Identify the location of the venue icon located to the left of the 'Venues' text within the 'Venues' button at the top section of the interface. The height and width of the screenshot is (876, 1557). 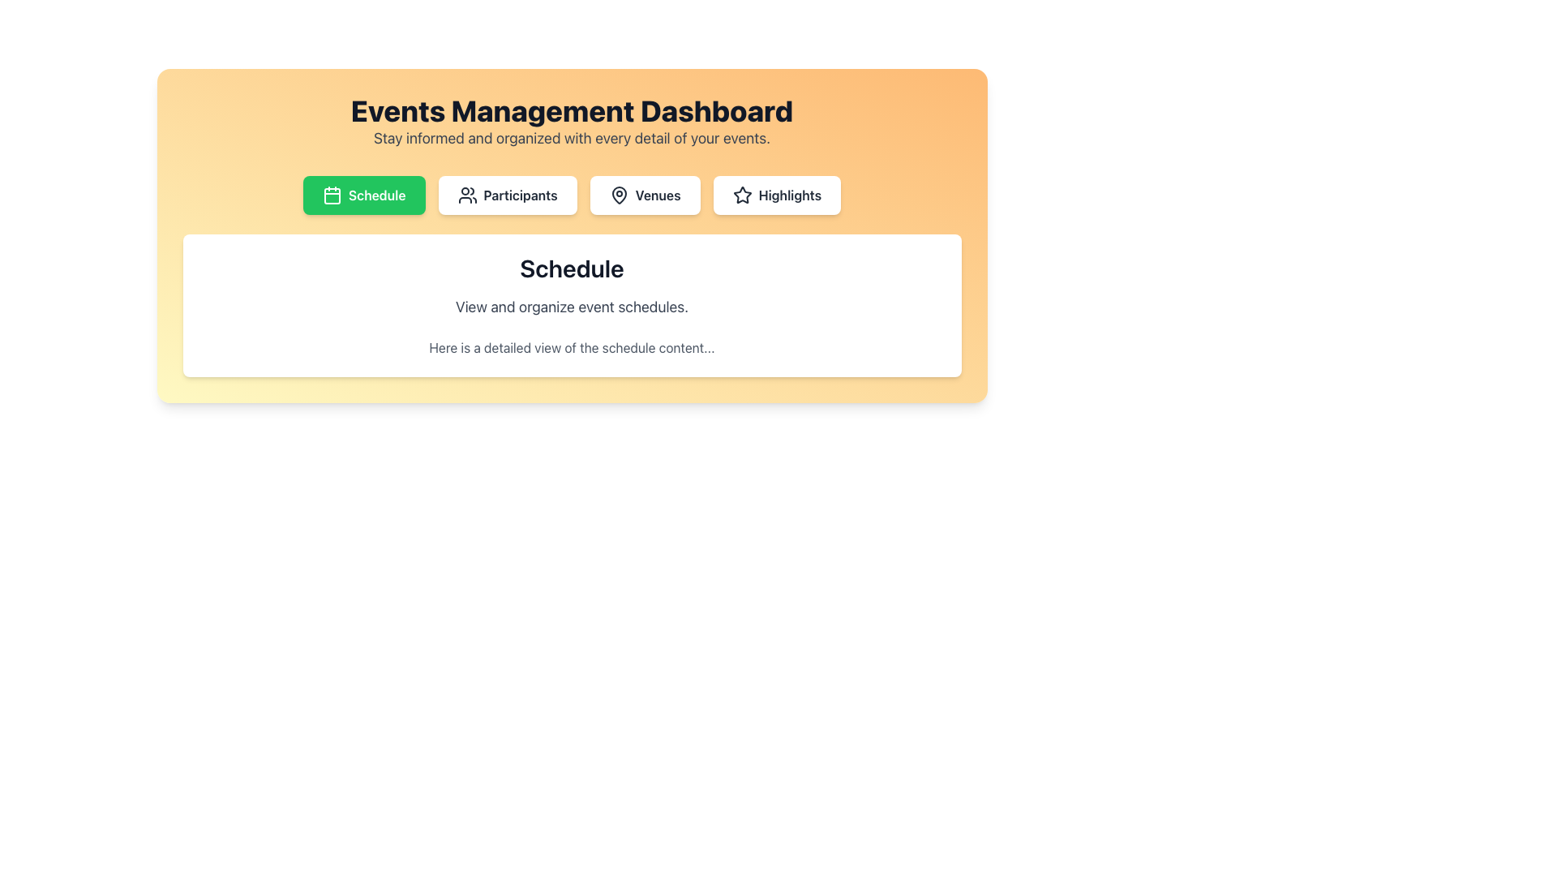
(618, 194).